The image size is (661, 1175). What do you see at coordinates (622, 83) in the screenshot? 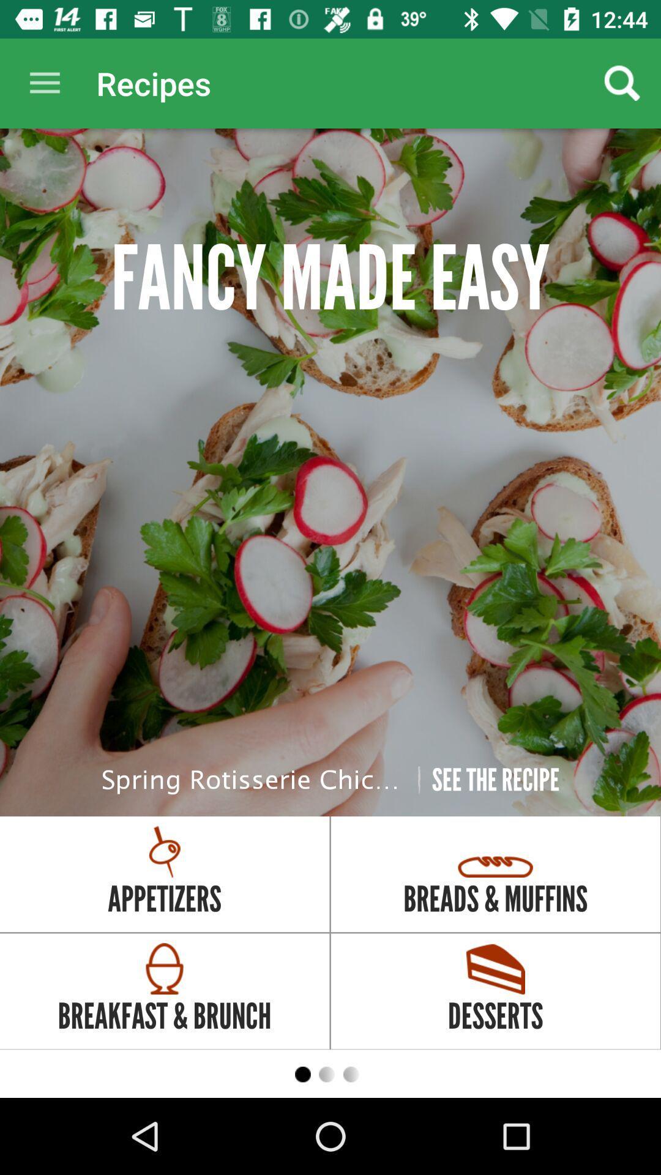
I see `the icon above fancy made easy` at bounding box center [622, 83].